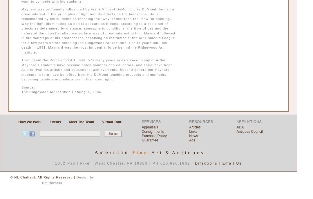  I want to click on 'Consignments', so click(153, 131).